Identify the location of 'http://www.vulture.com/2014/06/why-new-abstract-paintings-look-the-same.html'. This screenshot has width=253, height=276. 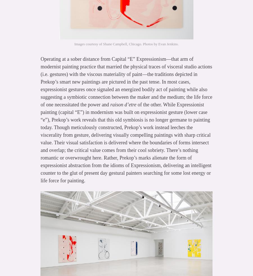
(112, 221).